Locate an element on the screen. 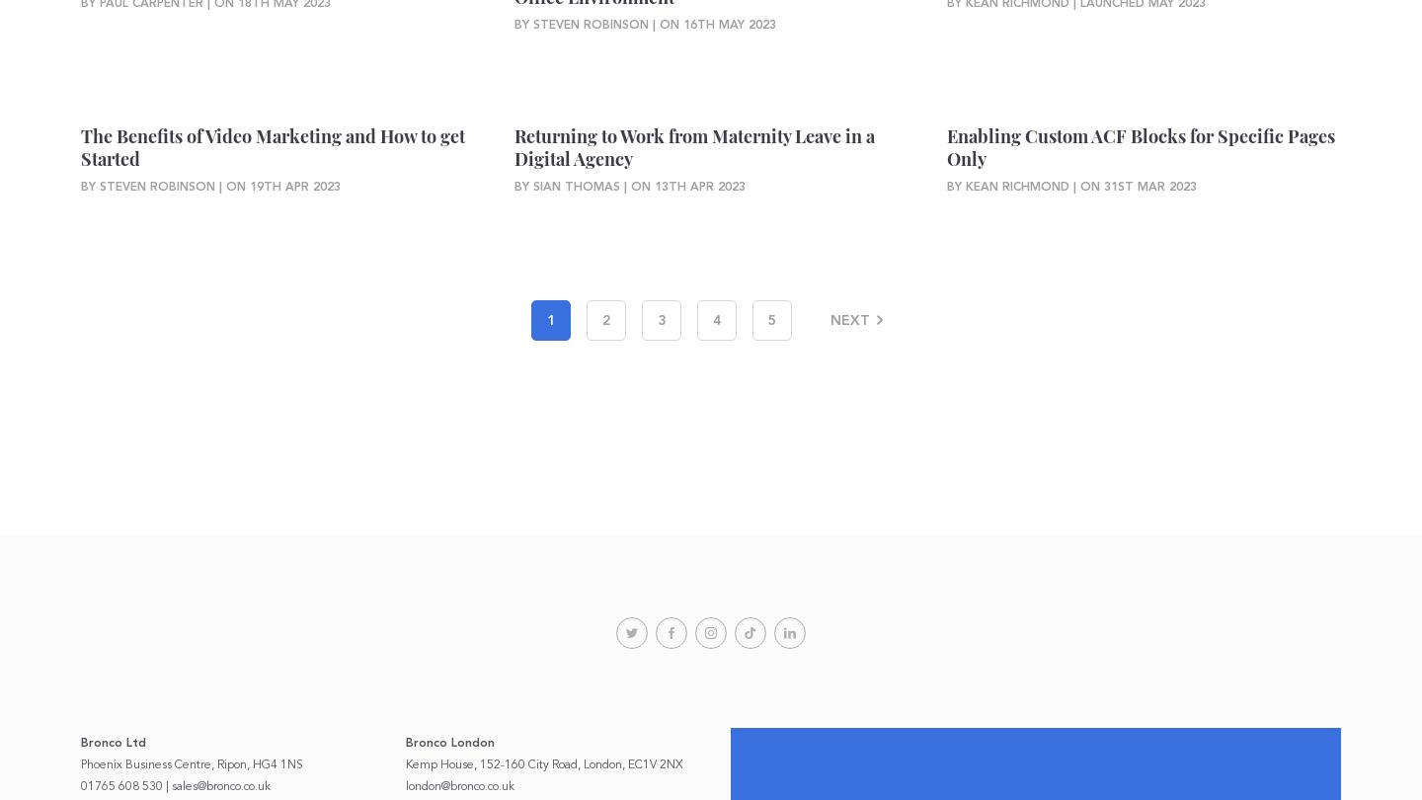  'london@bronco.co.uk' is located at coordinates (403, 784).